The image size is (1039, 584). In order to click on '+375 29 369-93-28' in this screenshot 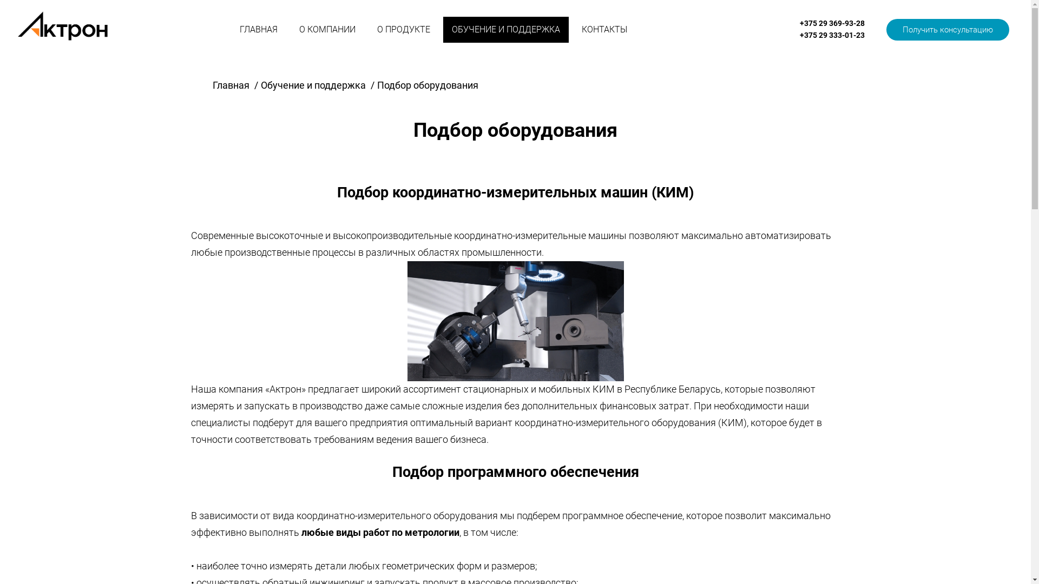, I will do `click(831, 23)`.